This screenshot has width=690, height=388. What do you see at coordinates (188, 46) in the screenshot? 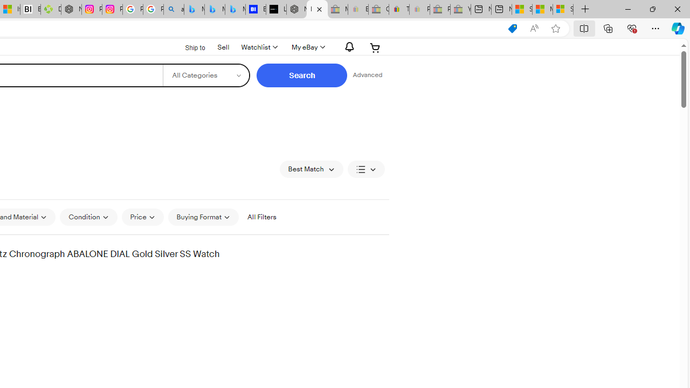
I see `'Ship to'` at bounding box center [188, 46].